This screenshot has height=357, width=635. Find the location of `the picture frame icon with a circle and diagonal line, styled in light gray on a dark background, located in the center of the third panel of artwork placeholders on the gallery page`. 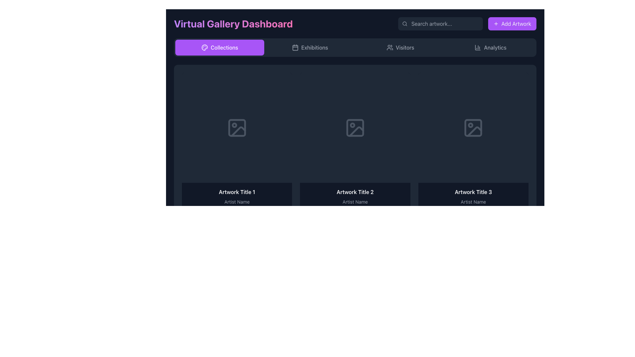

the picture frame icon with a circle and diagonal line, styled in light gray on a dark background, located in the center of the third panel of artwork placeholders on the gallery page is located at coordinates (473, 128).